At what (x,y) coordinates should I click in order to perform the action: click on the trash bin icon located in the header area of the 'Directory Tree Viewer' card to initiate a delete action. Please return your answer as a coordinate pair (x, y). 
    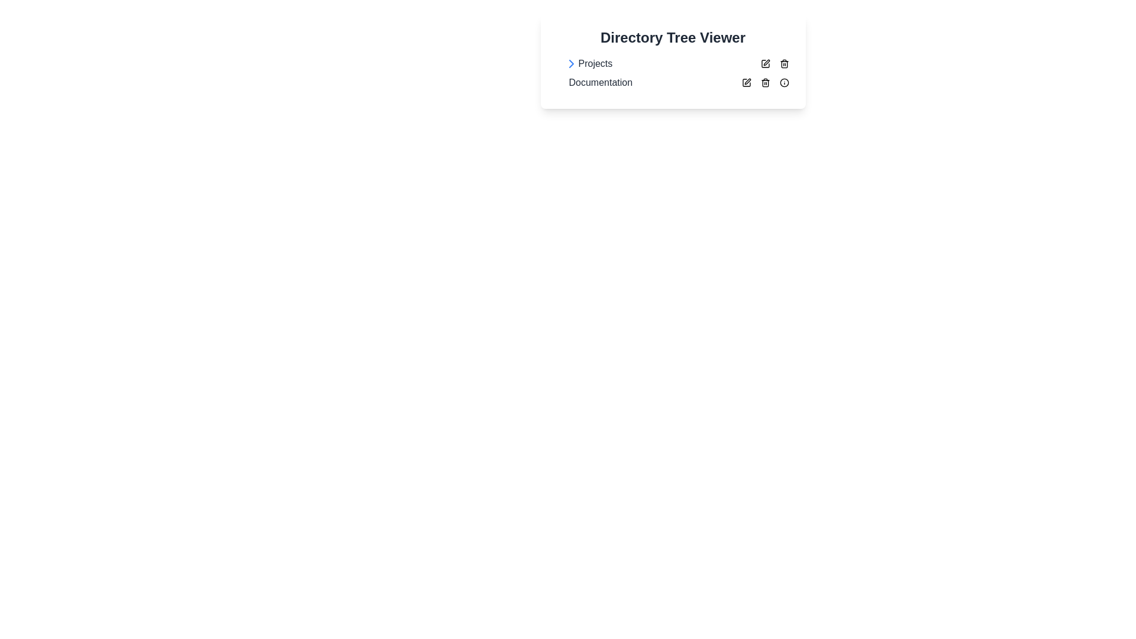
    Looking at the image, I should click on (765, 82).